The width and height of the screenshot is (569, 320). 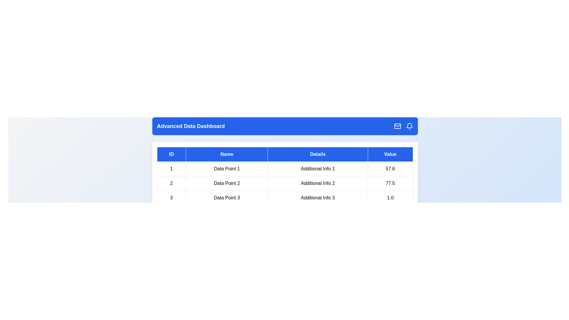 I want to click on the header icon Mail, so click(x=397, y=126).